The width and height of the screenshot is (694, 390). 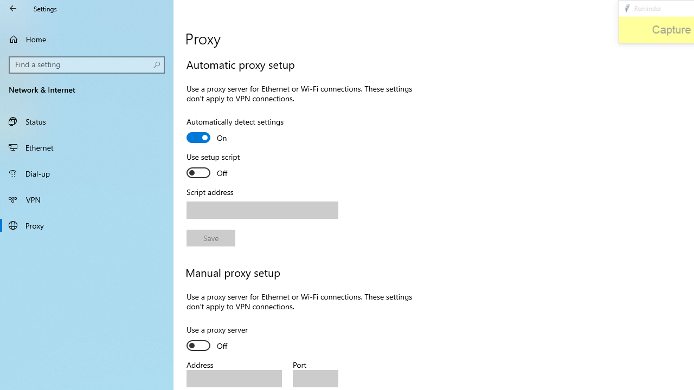 What do you see at coordinates (315, 378) in the screenshot?
I see `'Port'` at bounding box center [315, 378].